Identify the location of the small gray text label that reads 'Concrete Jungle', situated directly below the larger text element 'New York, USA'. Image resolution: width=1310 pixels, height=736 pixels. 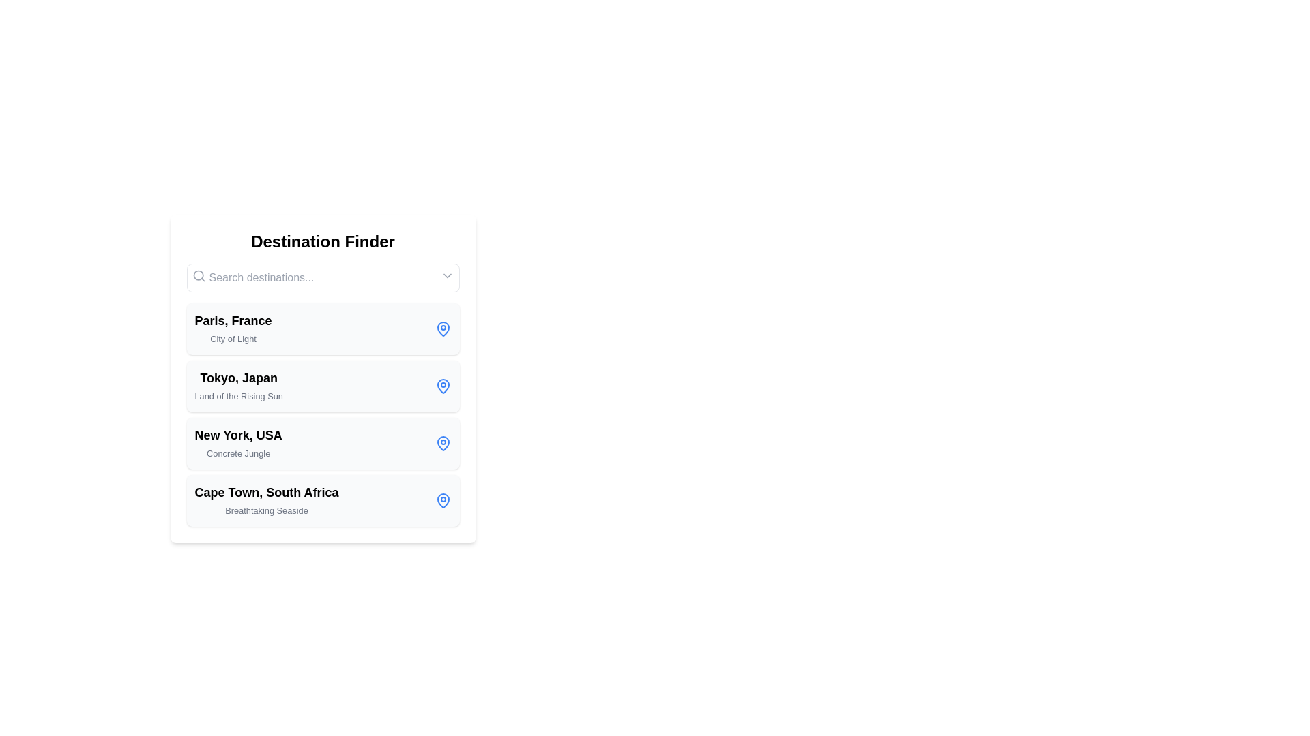
(238, 453).